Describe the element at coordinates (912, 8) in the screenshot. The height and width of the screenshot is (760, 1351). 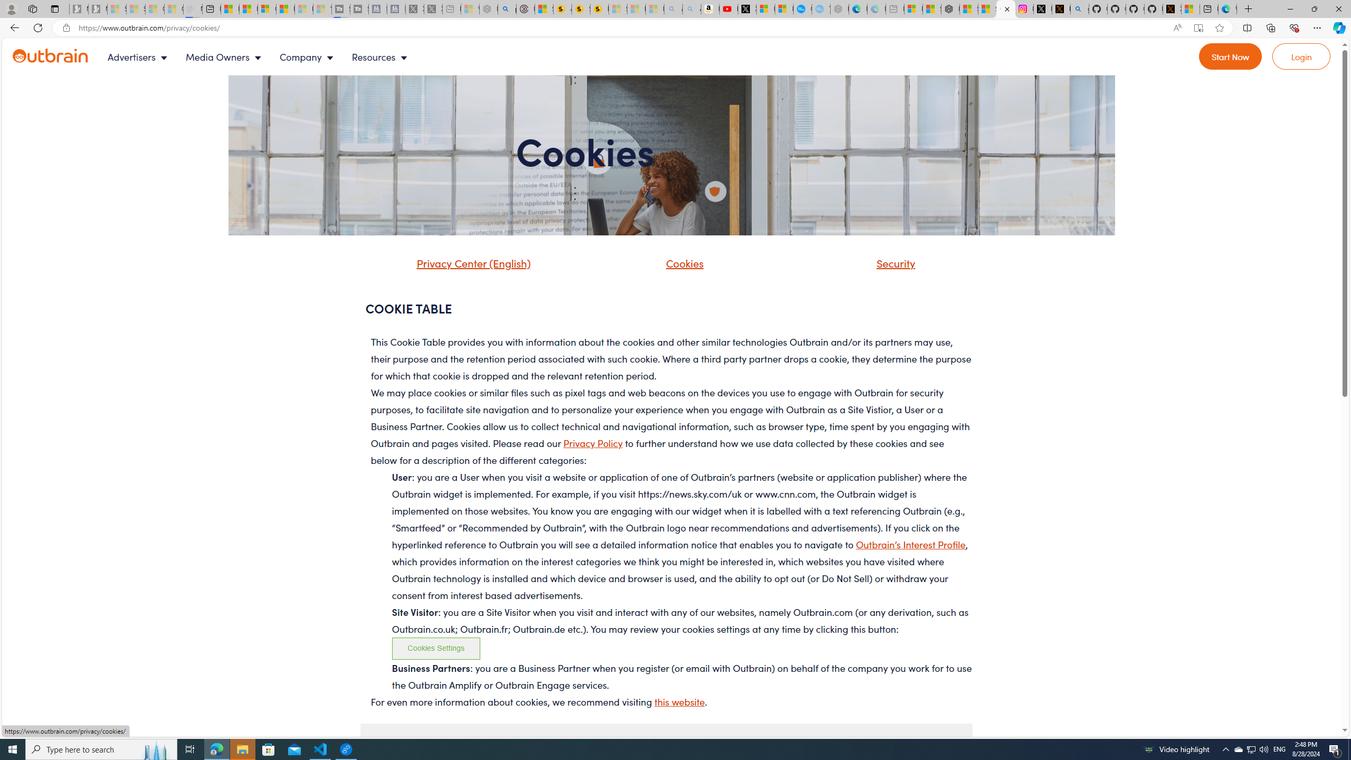
I see `'Microsoft account | Microsoft Account Privacy Settings'` at that location.